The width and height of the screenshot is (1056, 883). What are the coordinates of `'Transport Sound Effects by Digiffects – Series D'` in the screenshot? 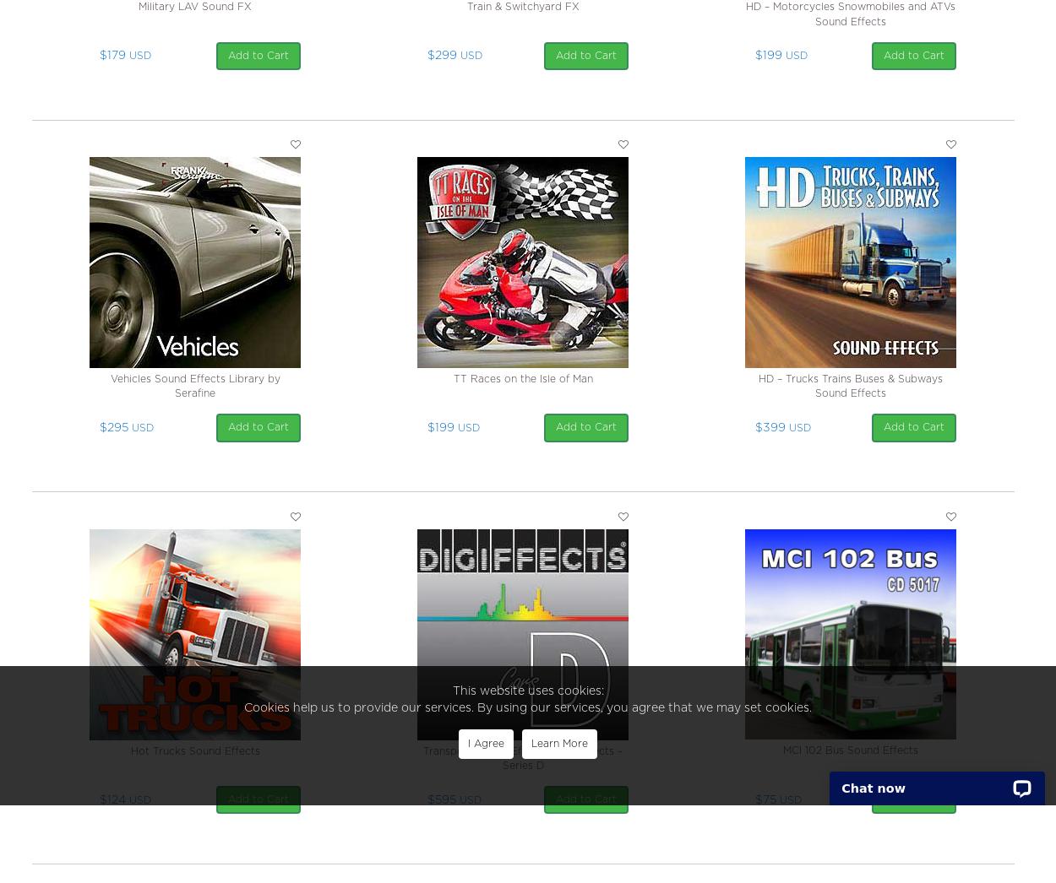 It's located at (522, 757).